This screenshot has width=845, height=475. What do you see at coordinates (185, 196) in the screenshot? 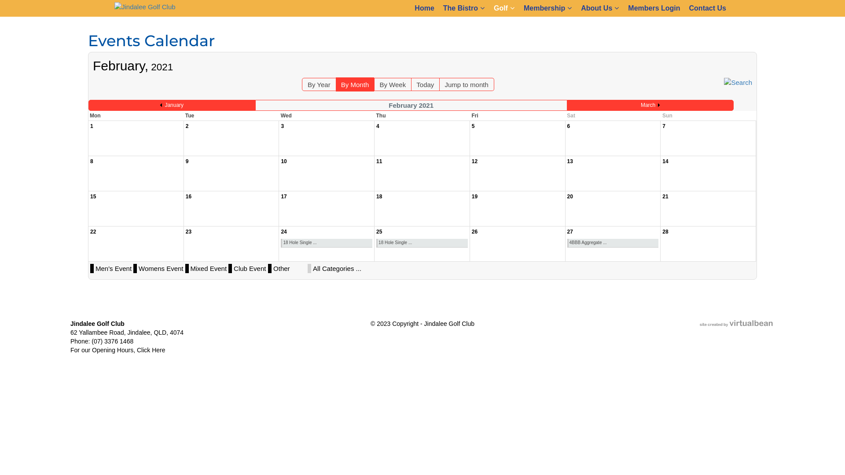
I see `'16'` at bounding box center [185, 196].